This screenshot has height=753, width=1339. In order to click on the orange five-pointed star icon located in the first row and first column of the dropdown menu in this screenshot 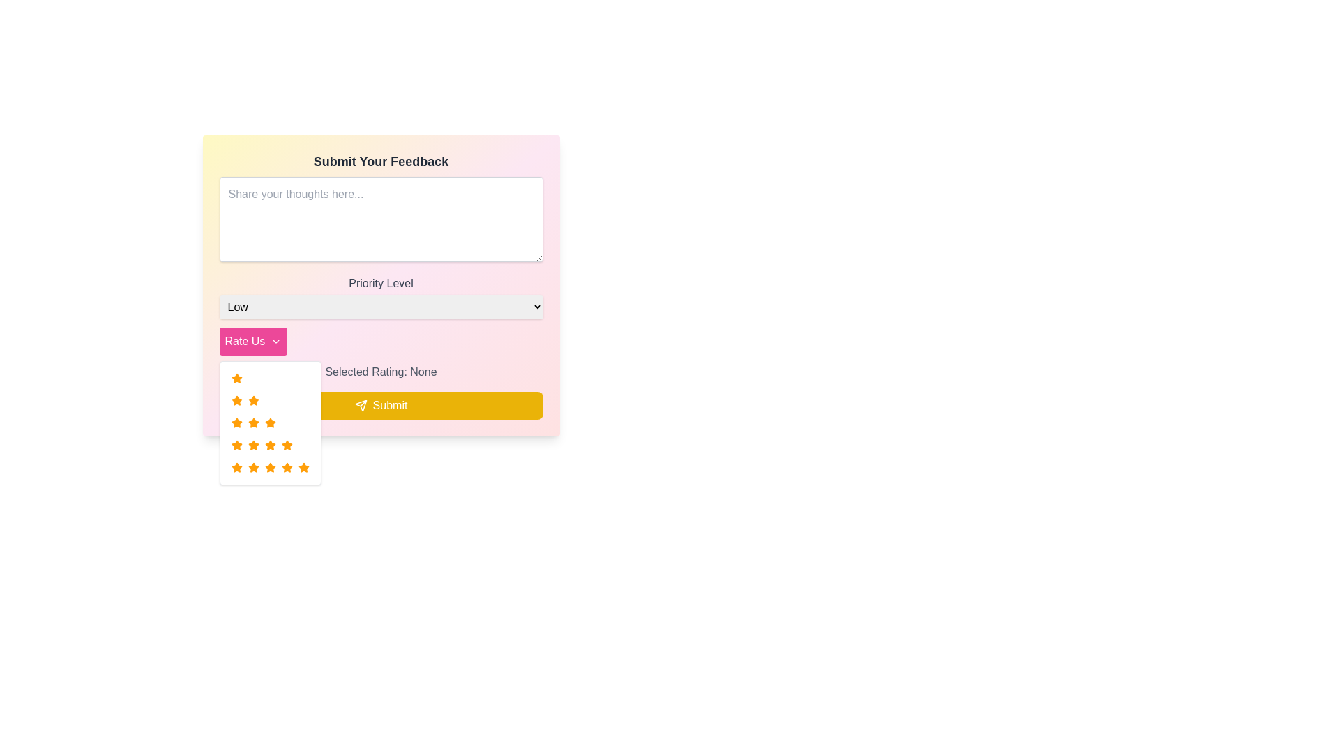, I will do `click(236, 400)`.